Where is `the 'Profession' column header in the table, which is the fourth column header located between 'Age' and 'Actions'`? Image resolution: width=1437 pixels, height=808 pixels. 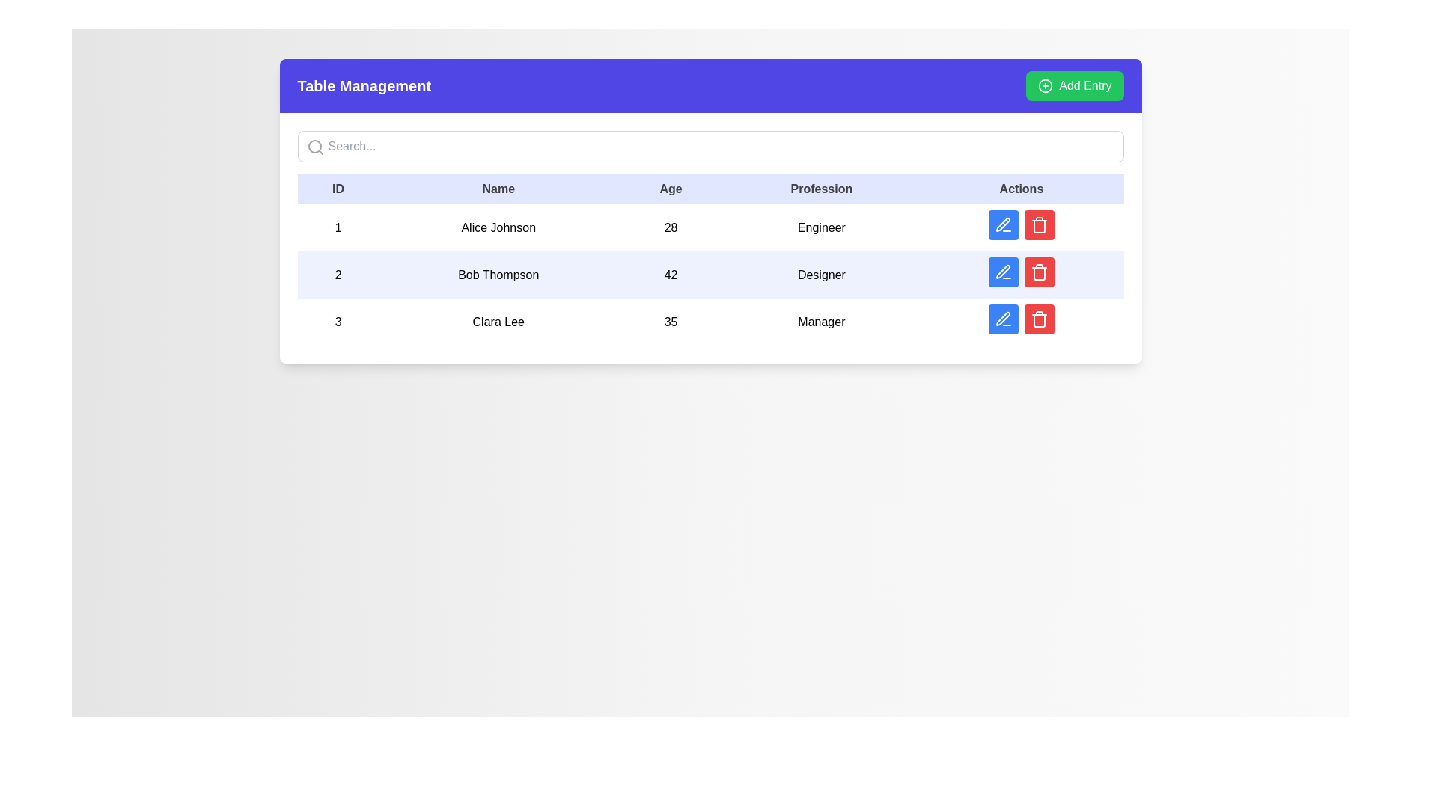 the 'Profession' column header in the table, which is the fourth column header located between 'Age' and 'Actions' is located at coordinates (820, 189).